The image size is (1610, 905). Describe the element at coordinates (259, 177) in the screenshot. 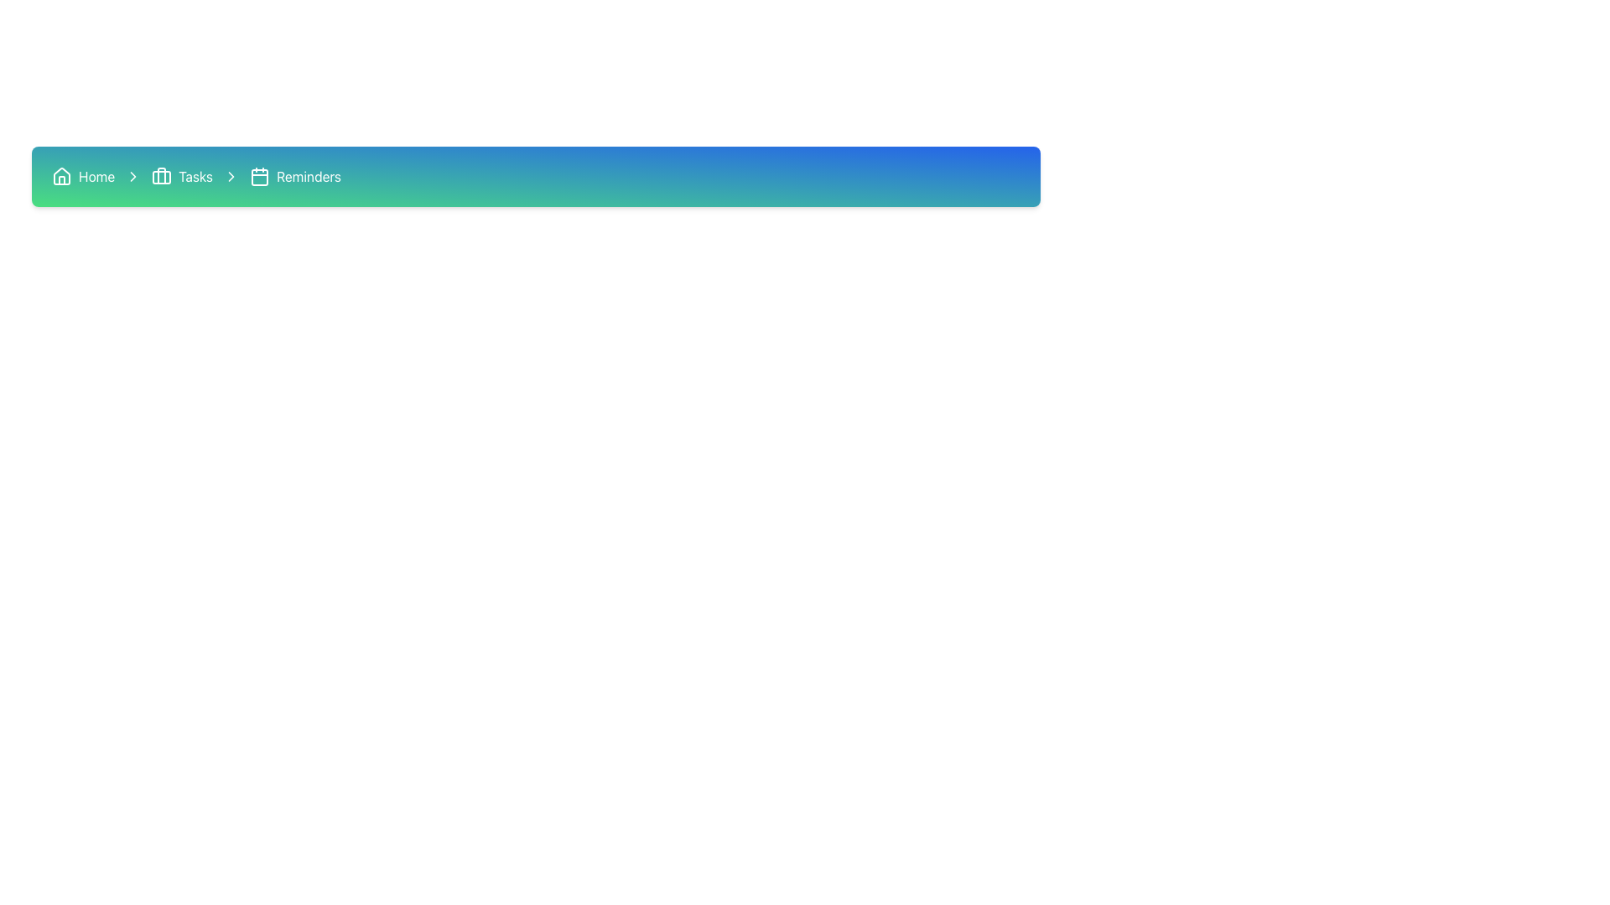

I see `the calendar icon in the horizontal navigation bar` at that location.